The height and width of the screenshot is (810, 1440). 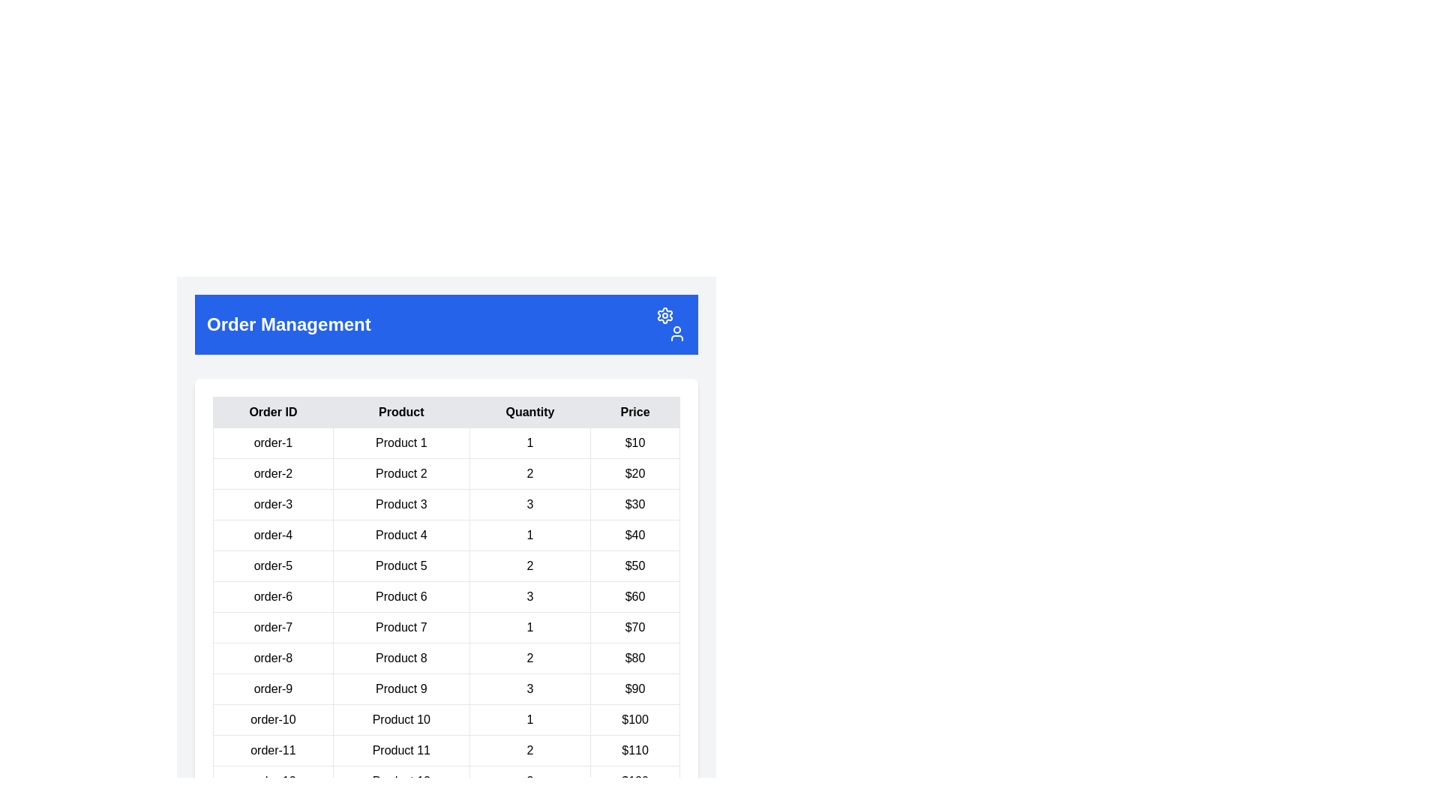 I want to click on the text cell displaying '$70' in the fourth column of the 'order-7' row in the table, so click(x=635, y=628).